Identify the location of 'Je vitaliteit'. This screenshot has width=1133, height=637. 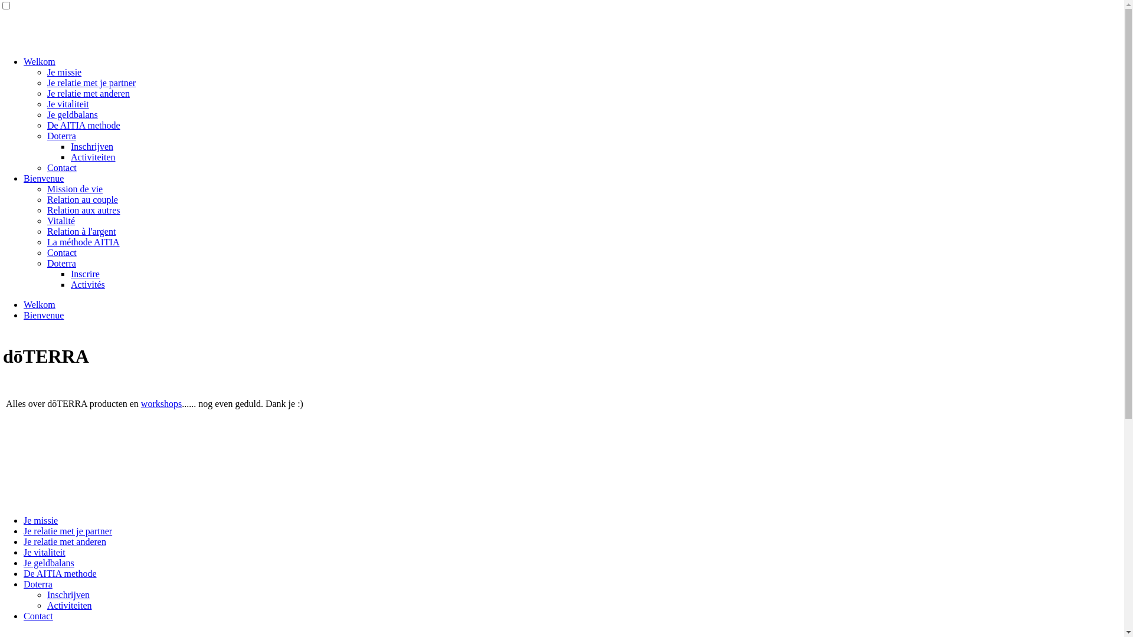
(47, 103).